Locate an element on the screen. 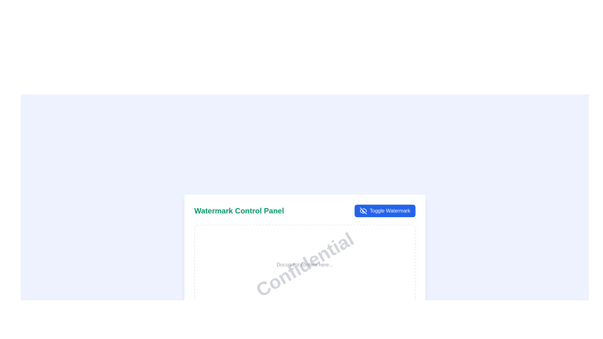 The image size is (603, 339). the toggle button for enabling or disabling the watermark feature located at the far-right end of the 'Watermark Control Panel' to observe a change in background color is located at coordinates (384, 211).